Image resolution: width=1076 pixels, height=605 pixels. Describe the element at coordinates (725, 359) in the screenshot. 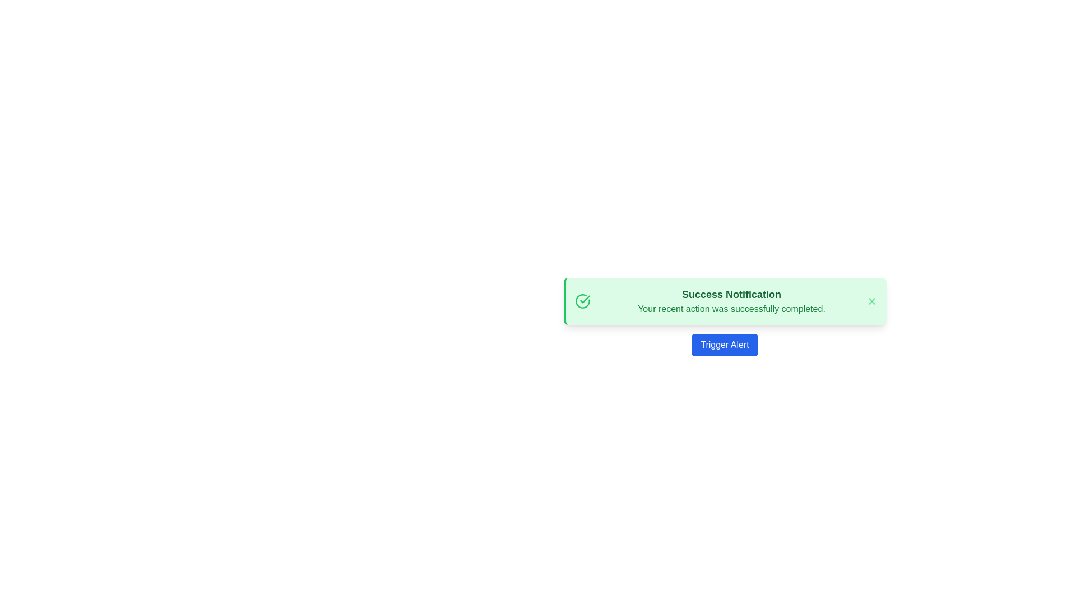

I see `the Notification Banner with Action Button displaying 'Success Notification'` at that location.